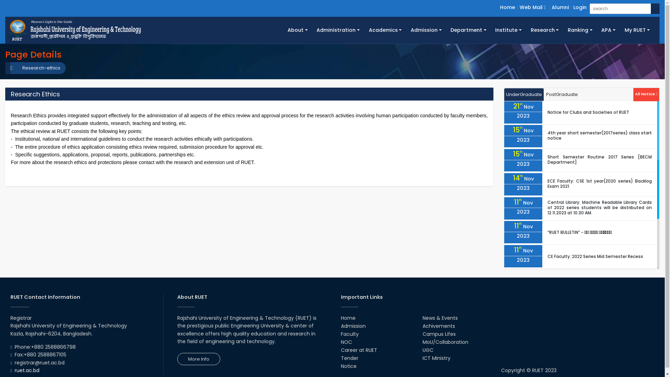  I want to click on 'PostGraduate', so click(544, 95).